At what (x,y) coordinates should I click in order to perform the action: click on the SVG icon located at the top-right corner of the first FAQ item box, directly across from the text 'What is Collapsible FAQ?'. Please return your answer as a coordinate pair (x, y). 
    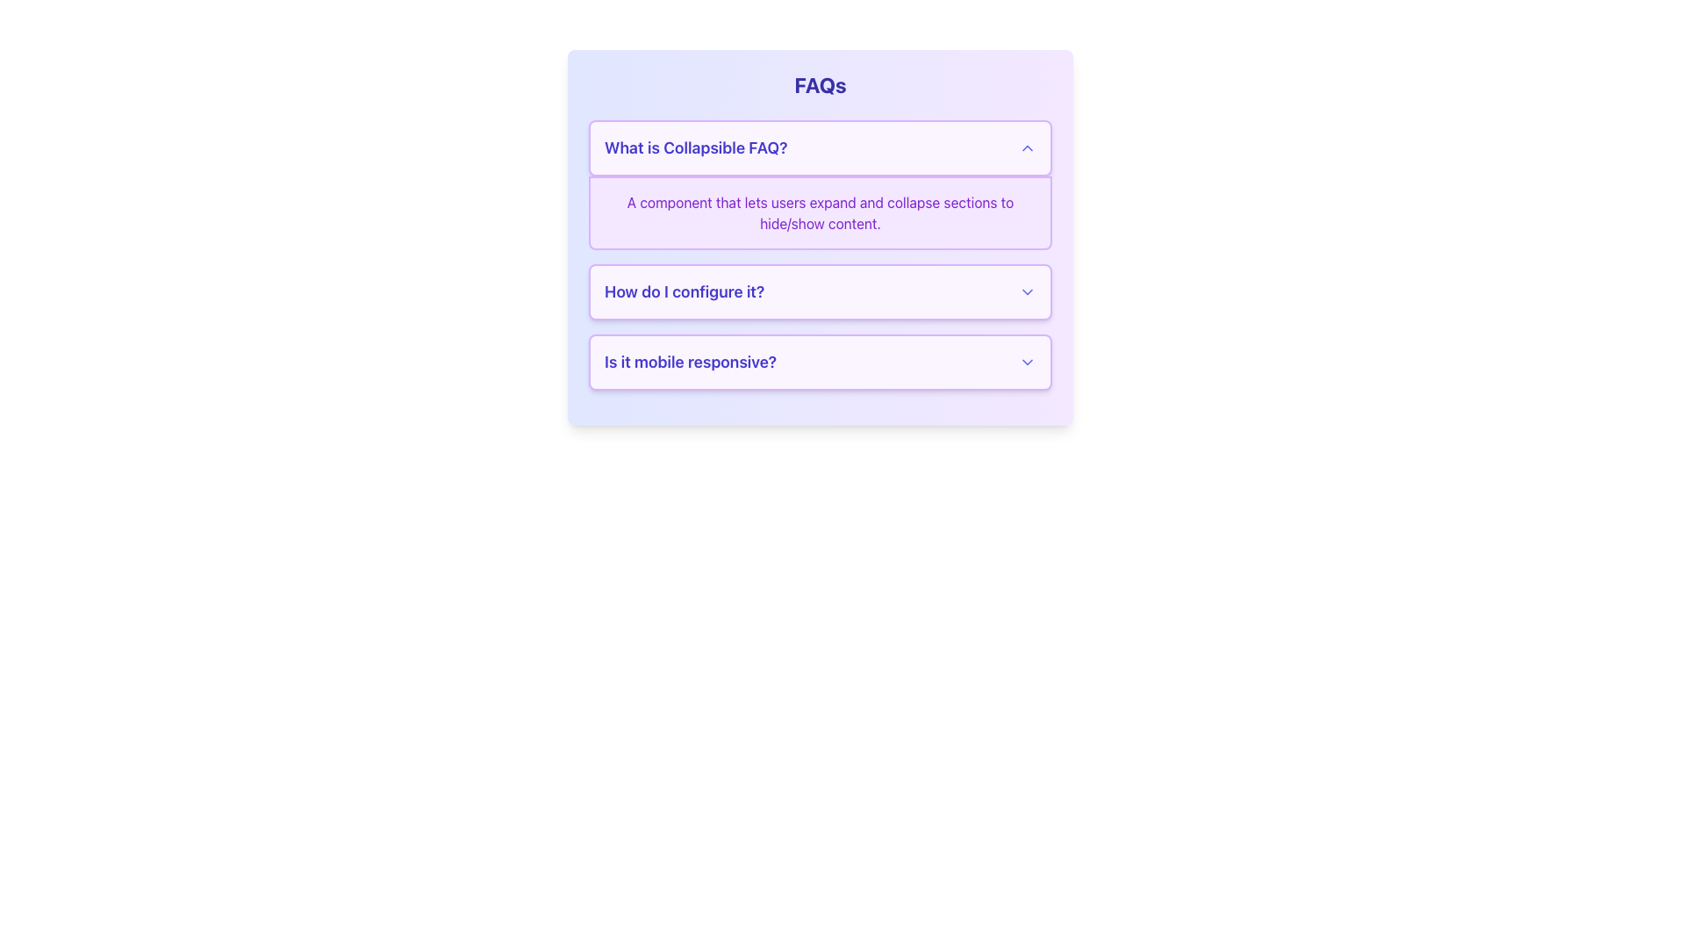
    Looking at the image, I should click on (1028, 147).